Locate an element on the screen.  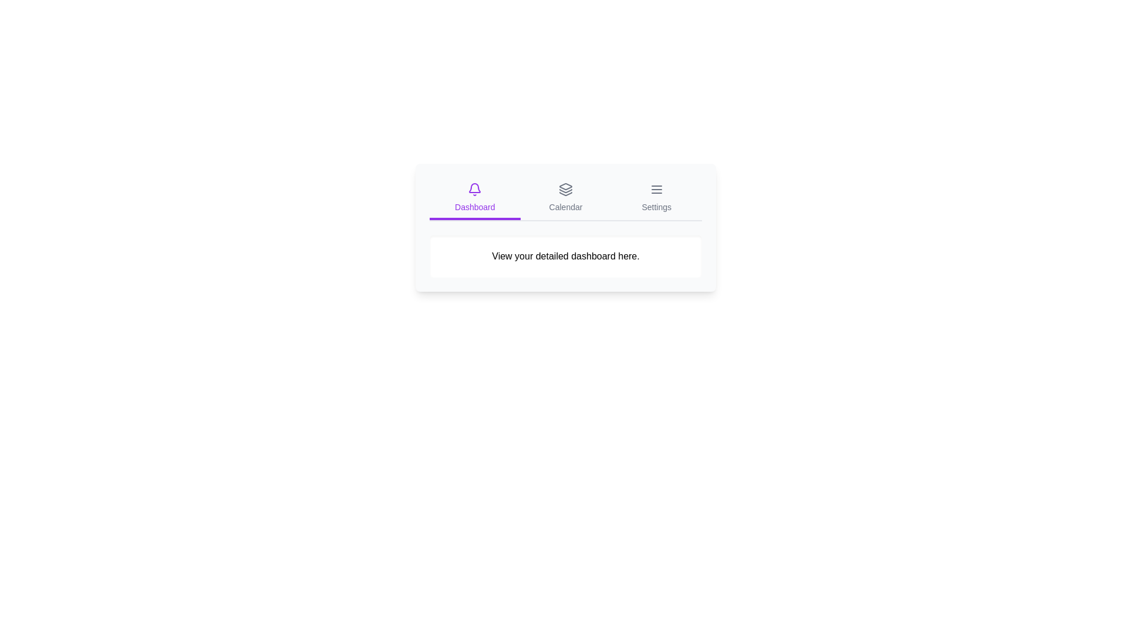
the tab labeled Settings to inspect its icon and text is located at coordinates (656, 198).